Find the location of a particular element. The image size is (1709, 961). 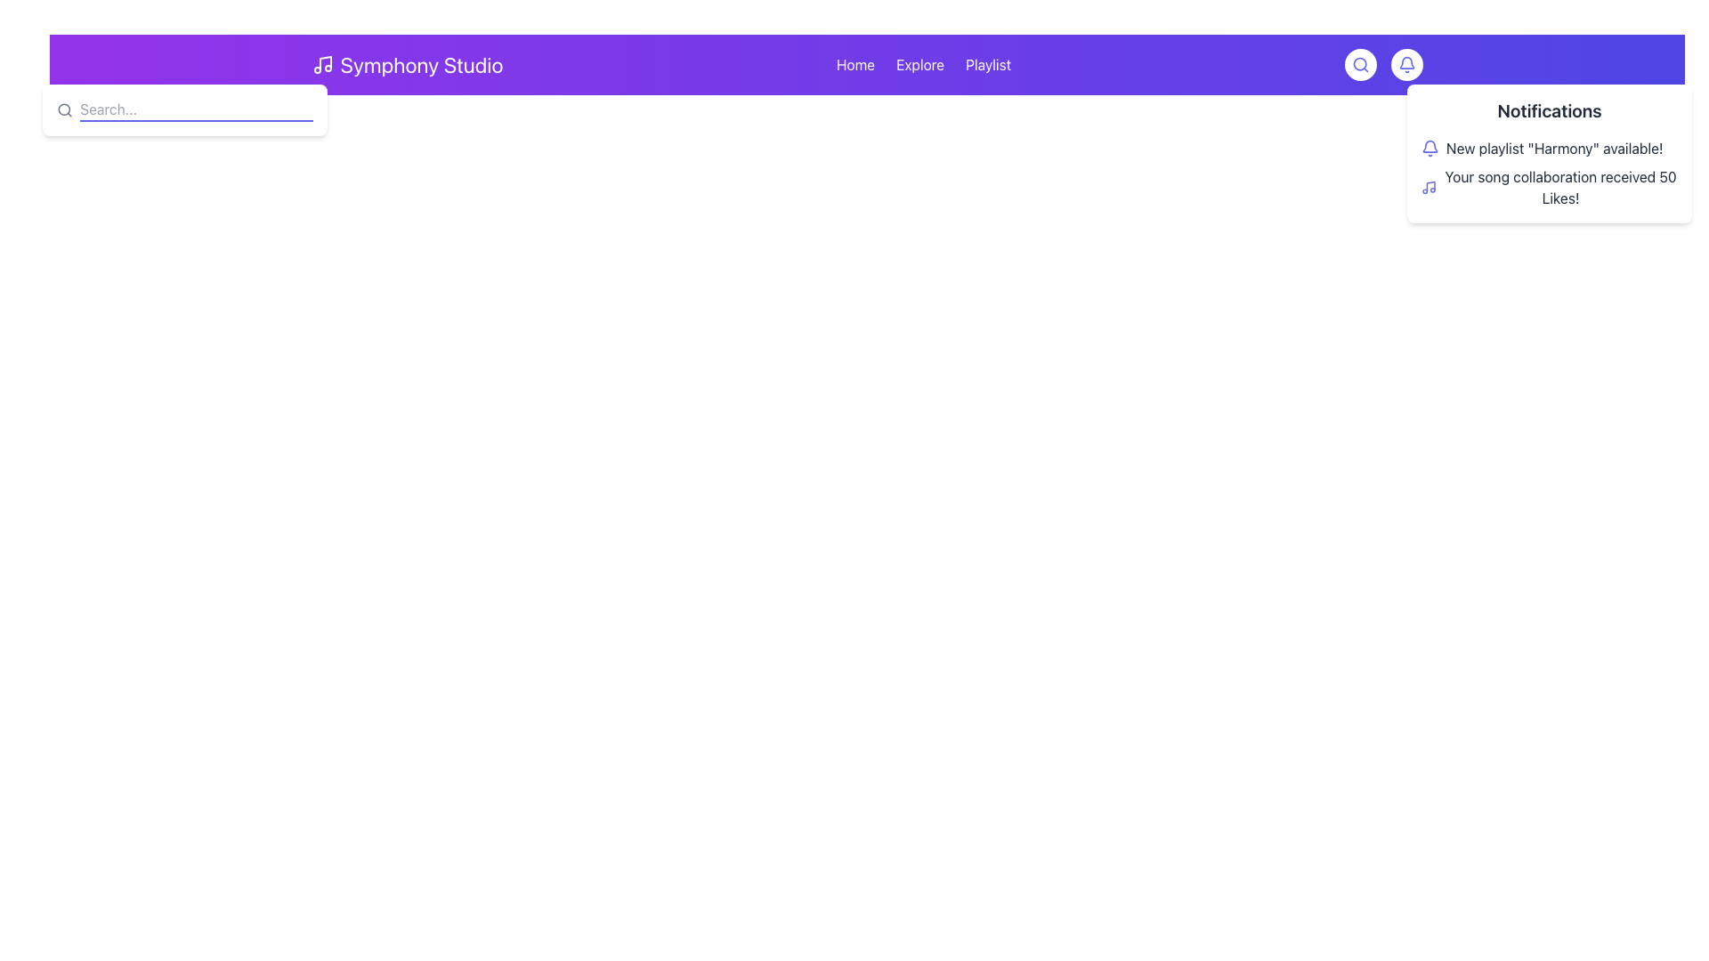

the circular lens part of the magnifying glass icon located in the top-right corner of the interface, adjacent to the notifications icon is located at coordinates (64, 109).